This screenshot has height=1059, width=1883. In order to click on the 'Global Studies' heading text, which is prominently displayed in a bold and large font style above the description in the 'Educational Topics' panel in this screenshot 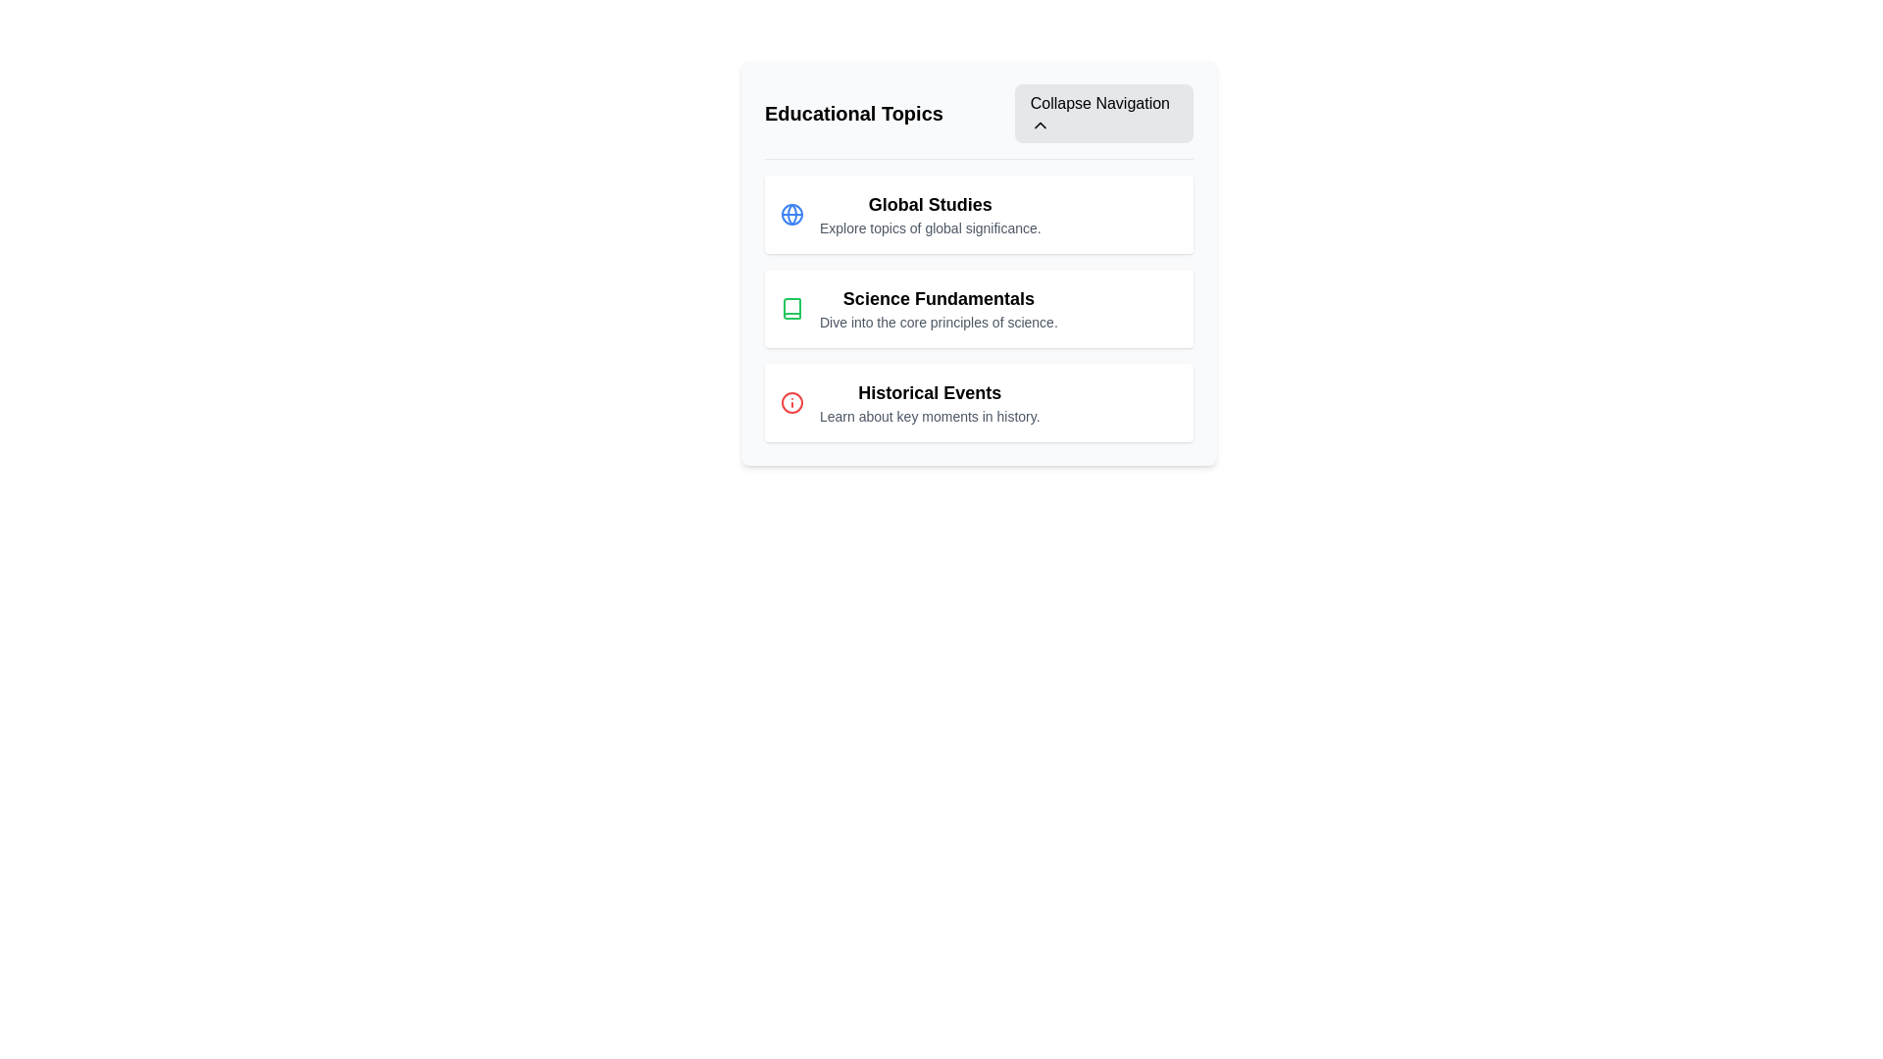, I will do `click(929, 204)`.